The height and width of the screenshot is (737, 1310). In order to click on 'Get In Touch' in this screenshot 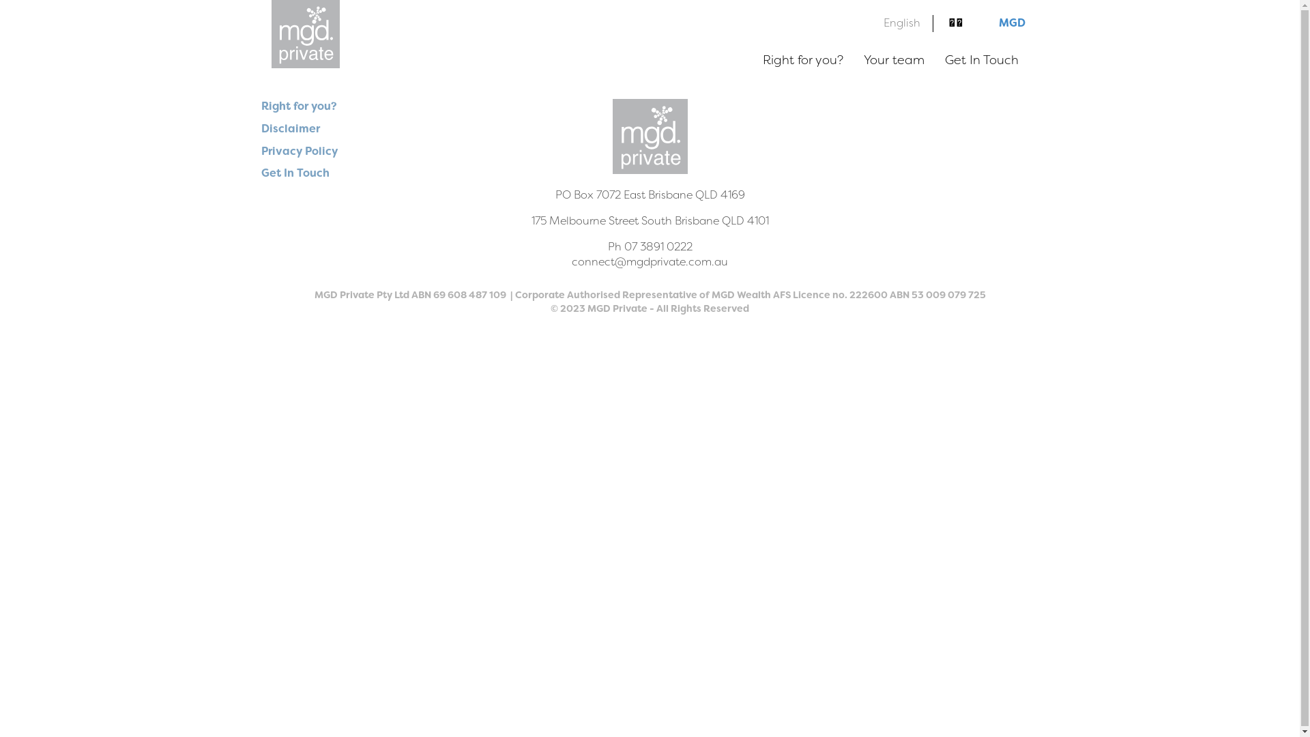, I will do `click(294, 172)`.